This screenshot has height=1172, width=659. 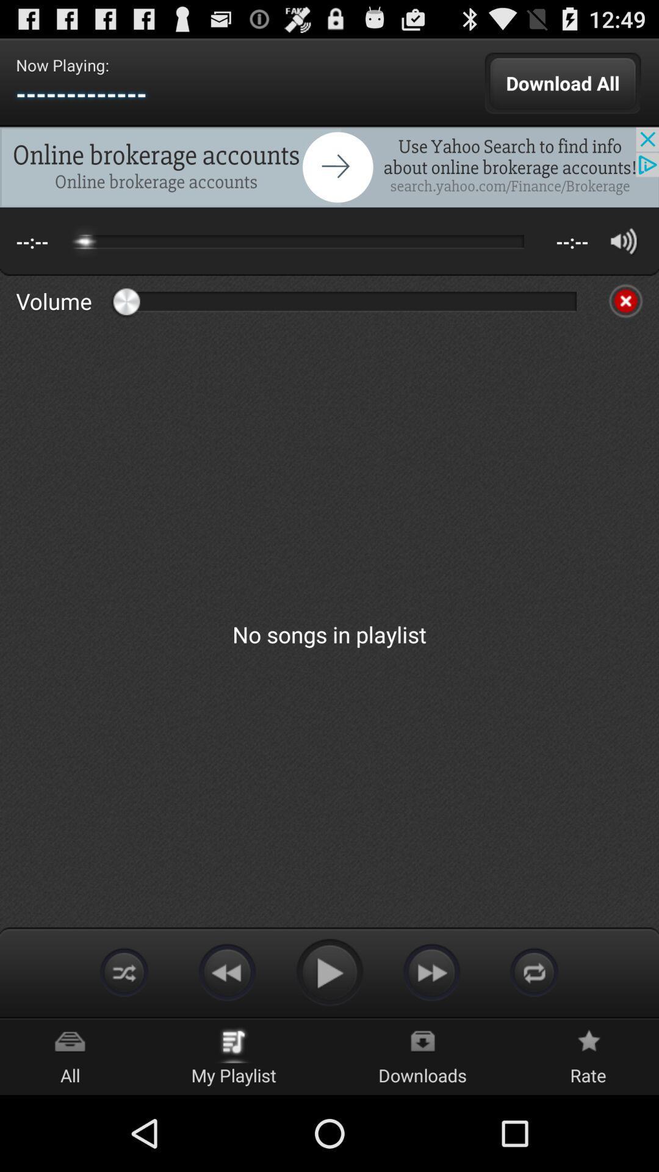 What do you see at coordinates (431, 971) in the screenshot?
I see `next` at bounding box center [431, 971].